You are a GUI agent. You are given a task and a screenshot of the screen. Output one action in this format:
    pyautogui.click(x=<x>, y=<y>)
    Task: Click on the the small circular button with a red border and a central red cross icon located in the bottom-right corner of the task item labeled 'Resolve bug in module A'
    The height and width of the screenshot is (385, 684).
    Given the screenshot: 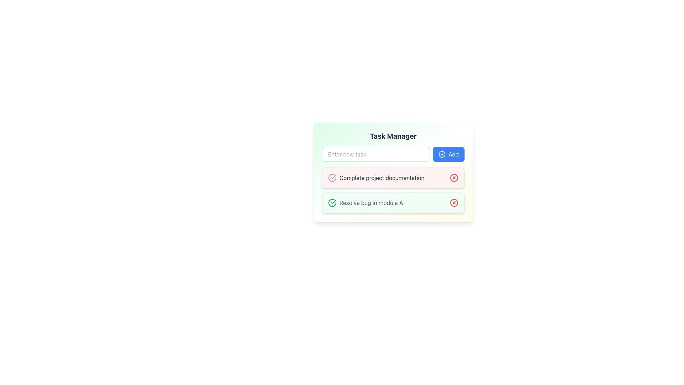 What is the action you would take?
    pyautogui.click(x=454, y=203)
    